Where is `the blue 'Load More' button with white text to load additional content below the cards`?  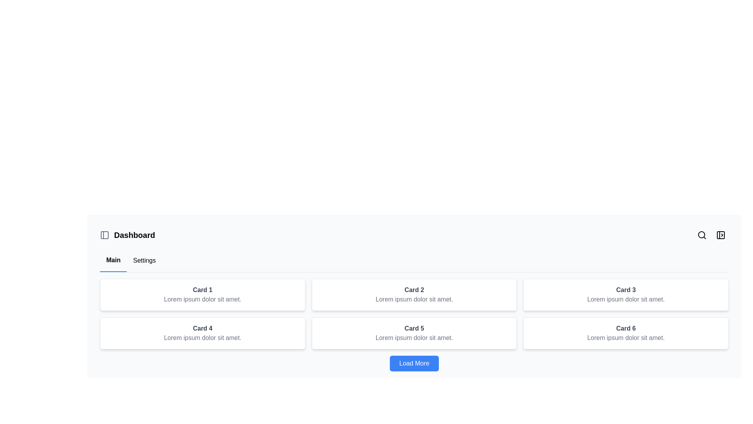
the blue 'Load More' button with white text to load additional content below the cards is located at coordinates (414, 363).